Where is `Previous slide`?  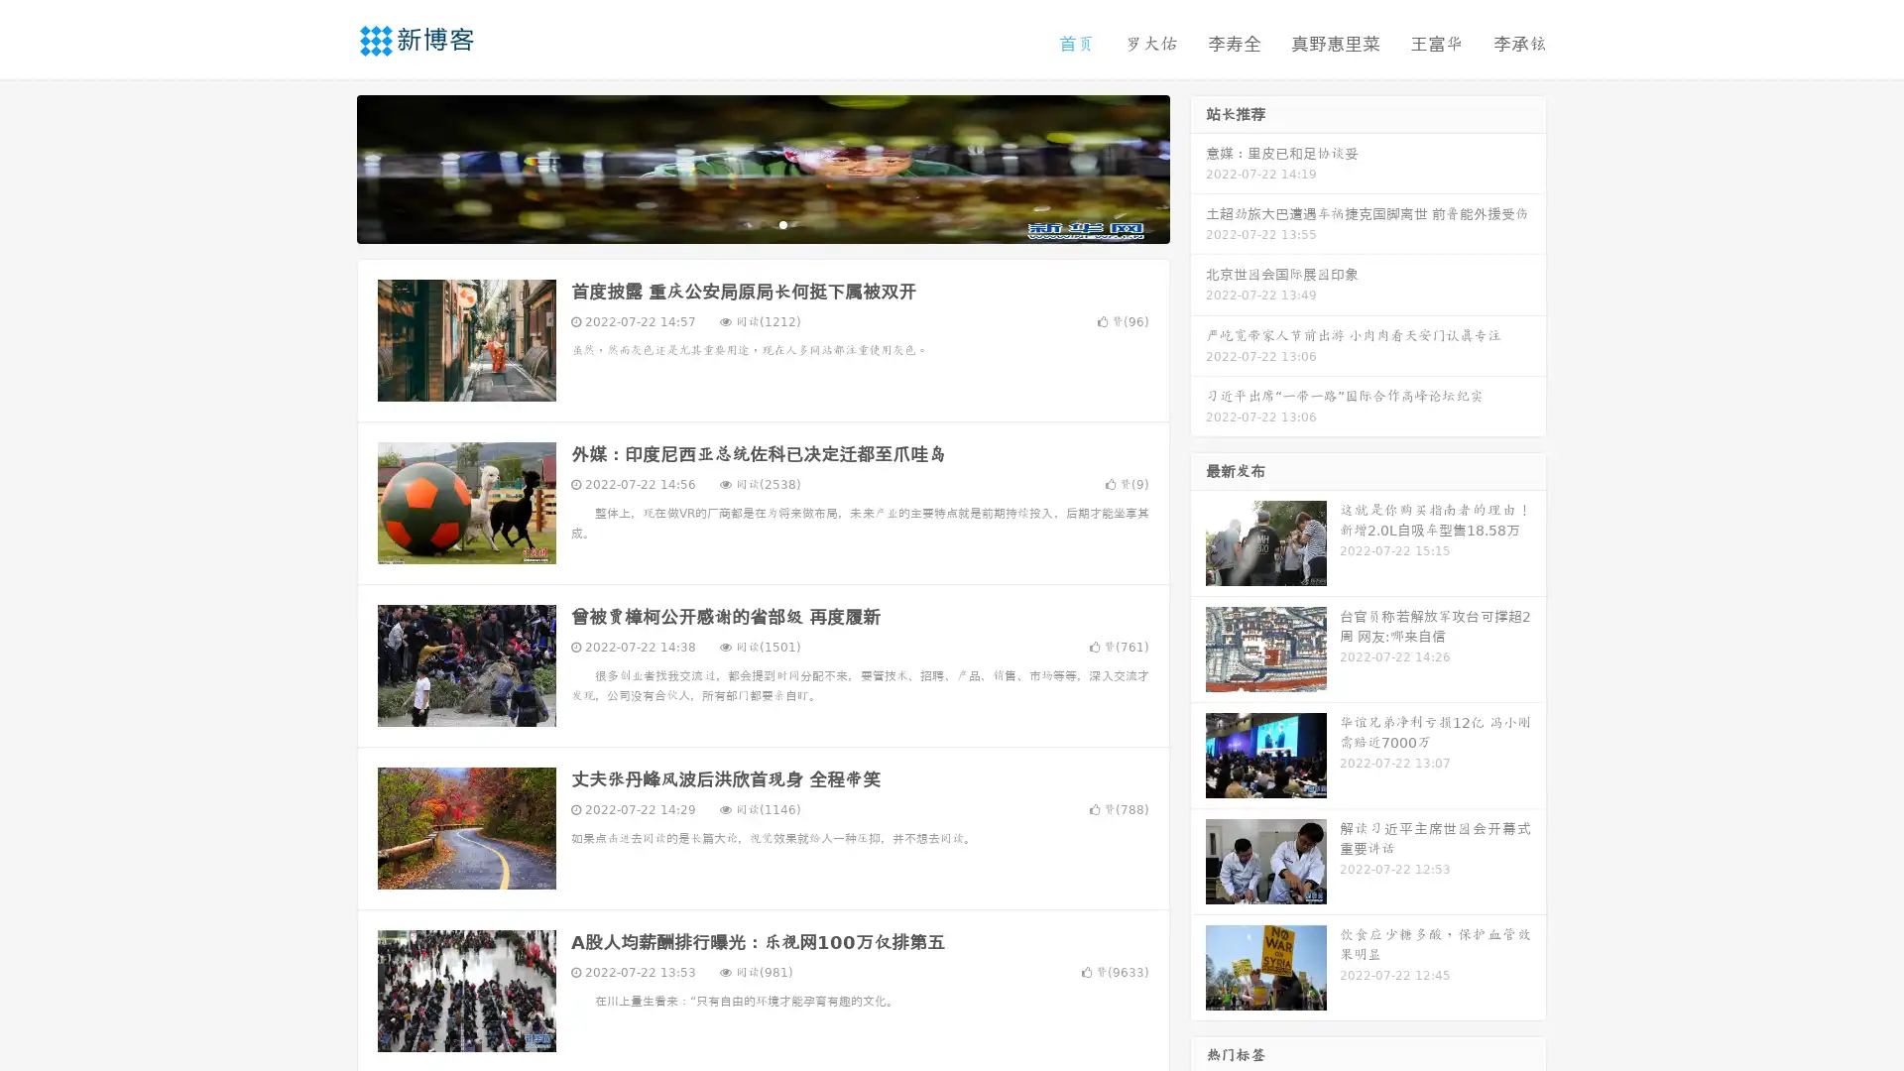
Previous slide is located at coordinates (327, 167).